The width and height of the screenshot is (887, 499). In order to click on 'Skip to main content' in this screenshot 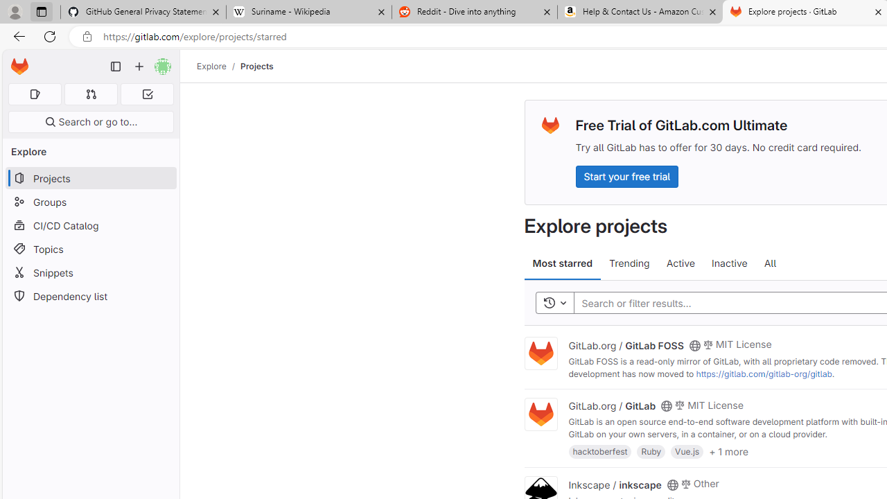, I will do `click(16, 60)`.